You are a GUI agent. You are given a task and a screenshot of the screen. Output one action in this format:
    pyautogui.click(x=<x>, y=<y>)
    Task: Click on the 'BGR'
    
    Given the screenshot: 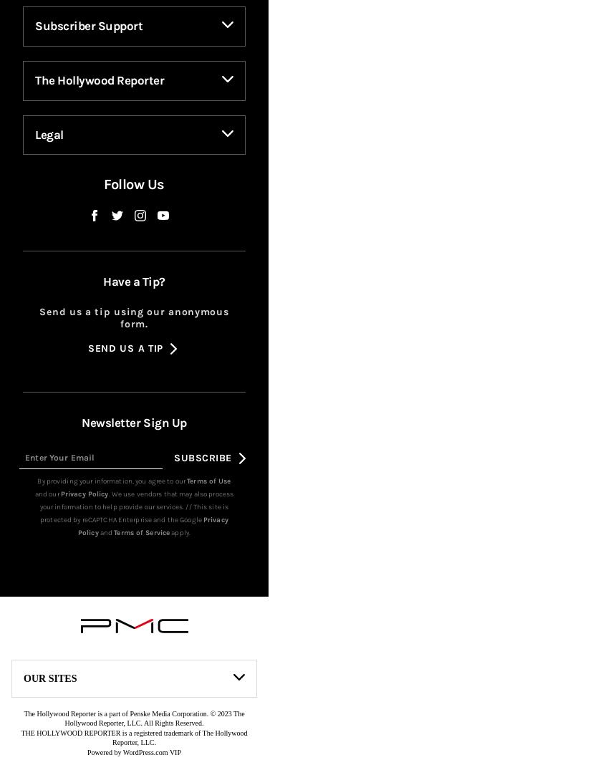 What is the action you would take?
    pyautogui.click(x=32, y=749)
    